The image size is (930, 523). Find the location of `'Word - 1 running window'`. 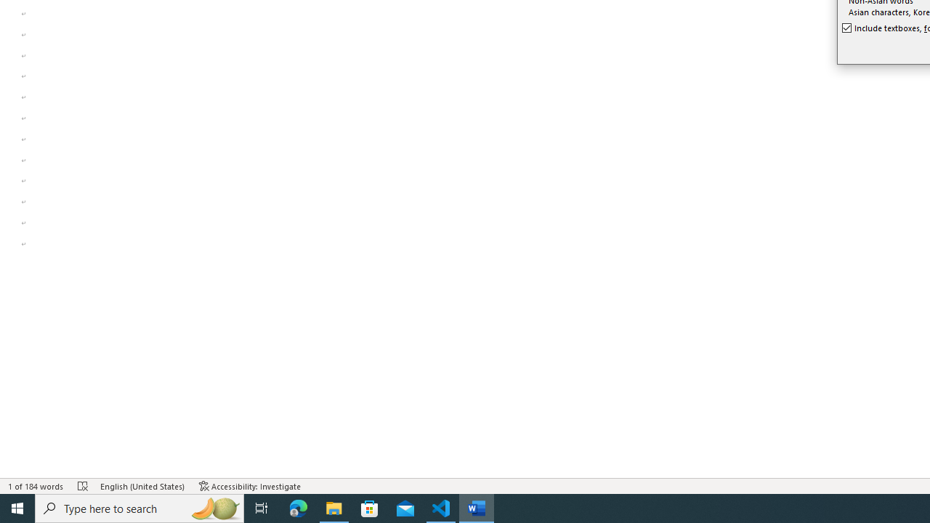

'Word - 1 running window' is located at coordinates (477, 507).